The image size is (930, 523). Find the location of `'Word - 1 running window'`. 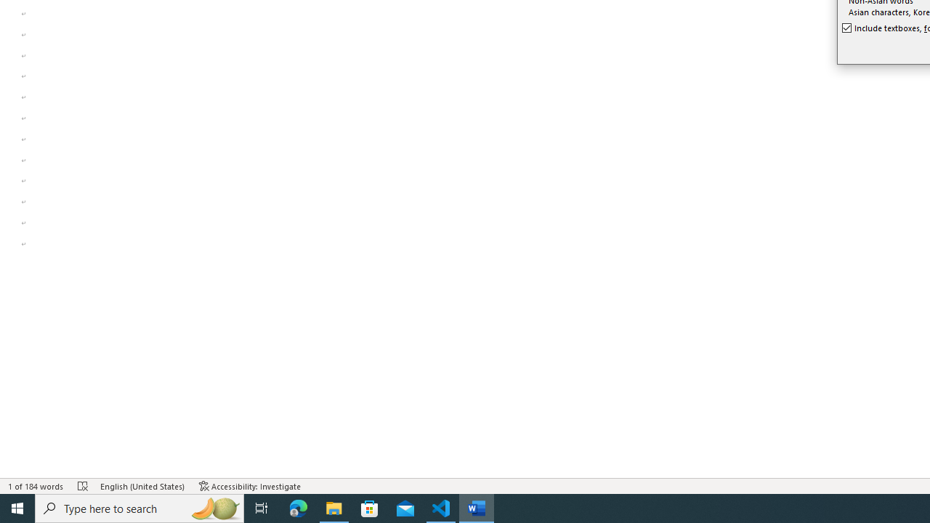

'Word - 1 running window' is located at coordinates (477, 507).